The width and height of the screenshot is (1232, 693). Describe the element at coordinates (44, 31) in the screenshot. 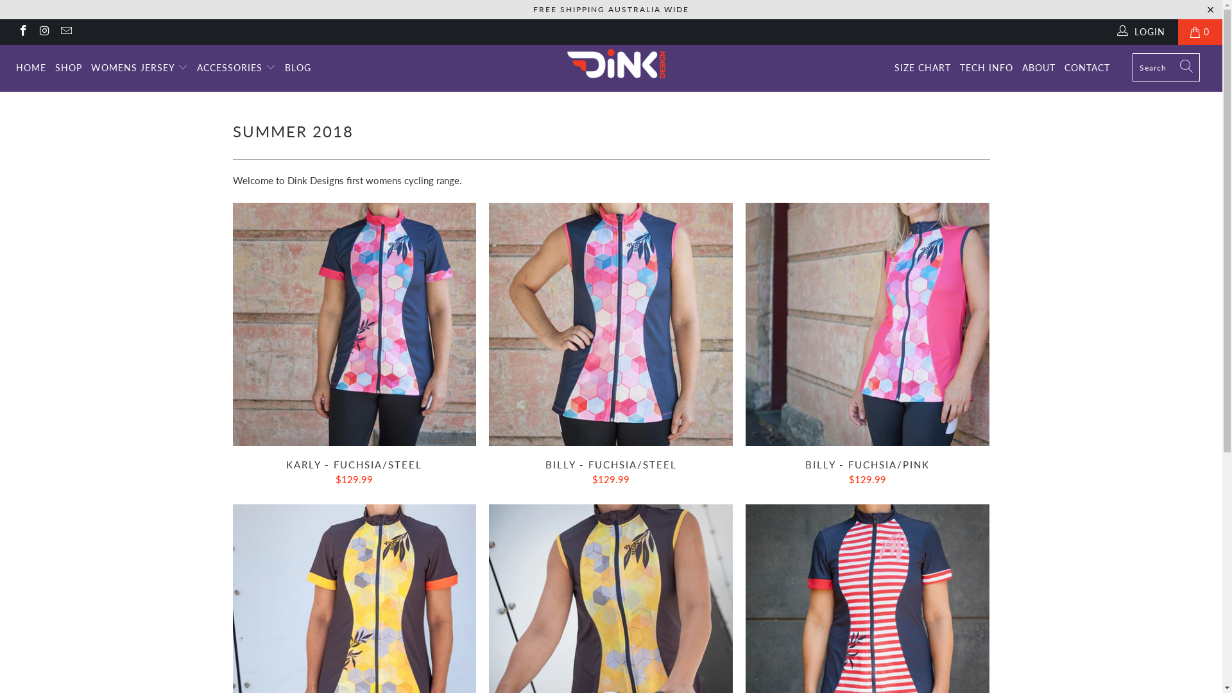

I see `'Dink Design on Instagram'` at that location.